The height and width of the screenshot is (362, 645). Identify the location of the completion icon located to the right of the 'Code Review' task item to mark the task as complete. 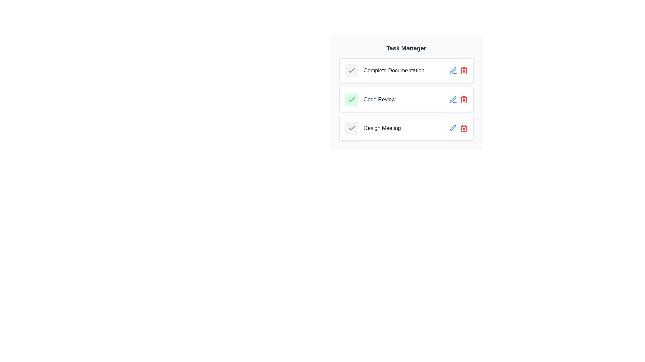
(351, 128).